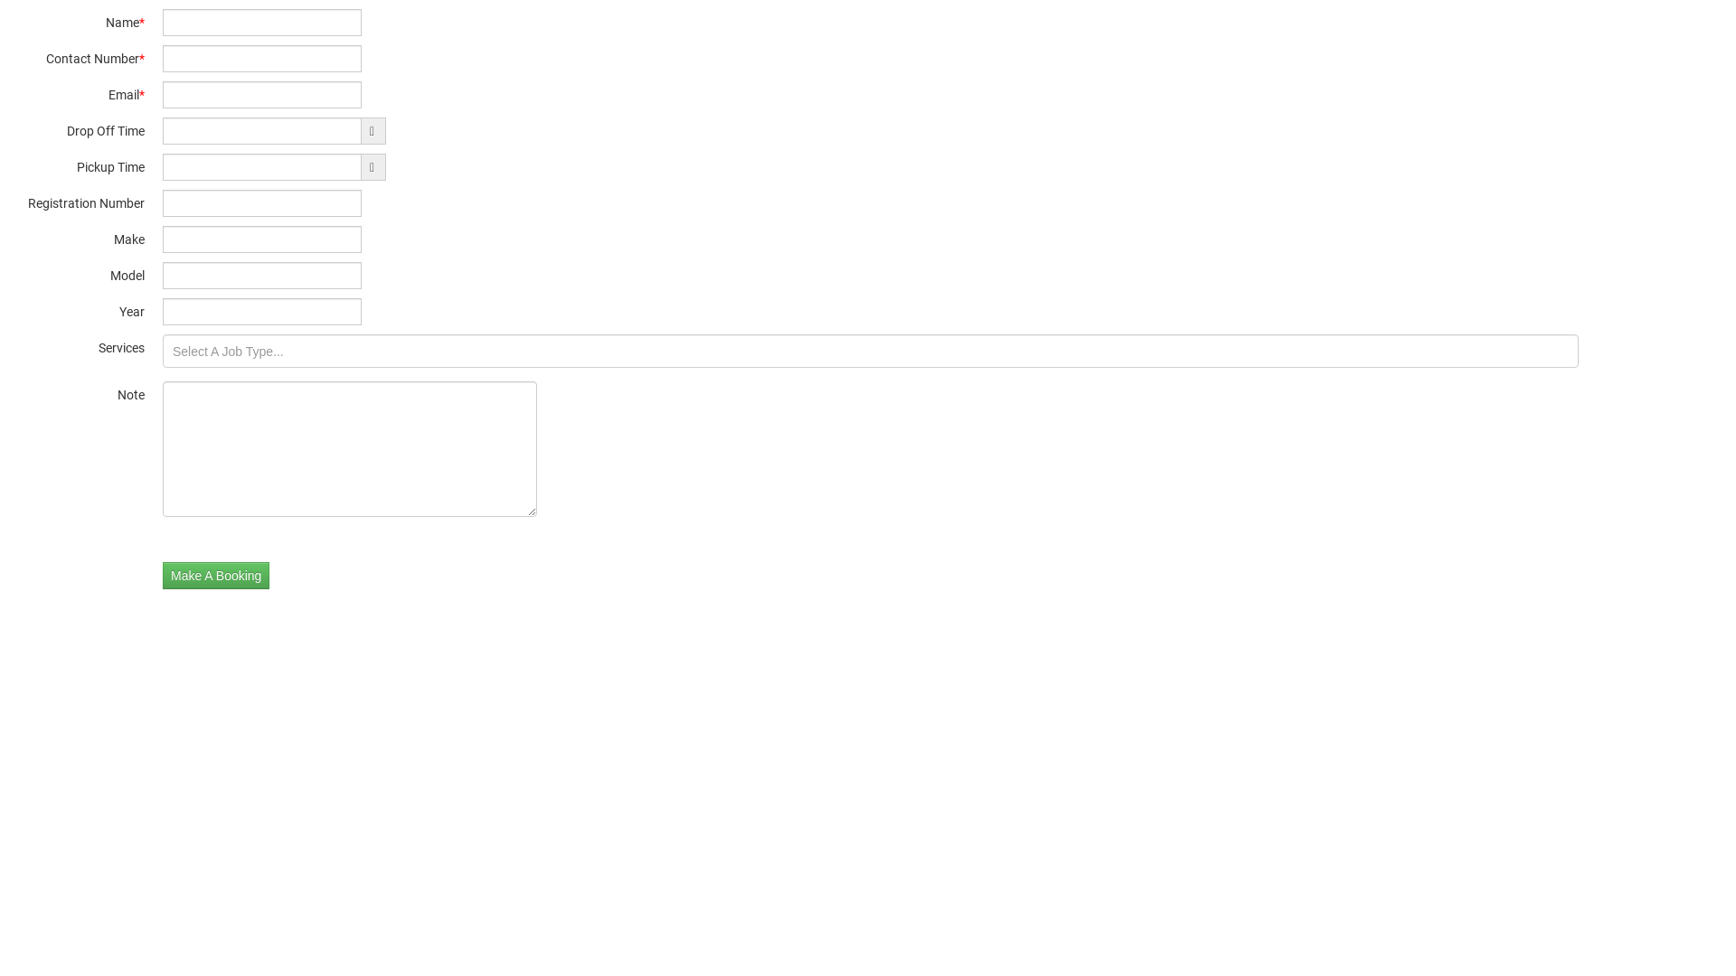 This screenshot has width=1736, height=976. Describe the element at coordinates (216, 575) in the screenshot. I see `'Make A Booking'` at that location.